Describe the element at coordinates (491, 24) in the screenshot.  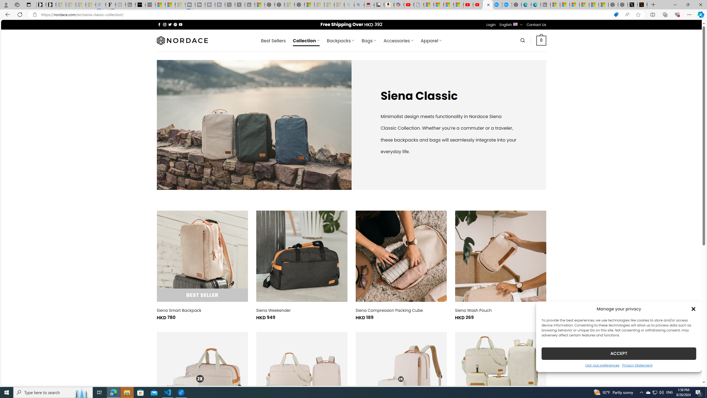
I see `'Login'` at that location.